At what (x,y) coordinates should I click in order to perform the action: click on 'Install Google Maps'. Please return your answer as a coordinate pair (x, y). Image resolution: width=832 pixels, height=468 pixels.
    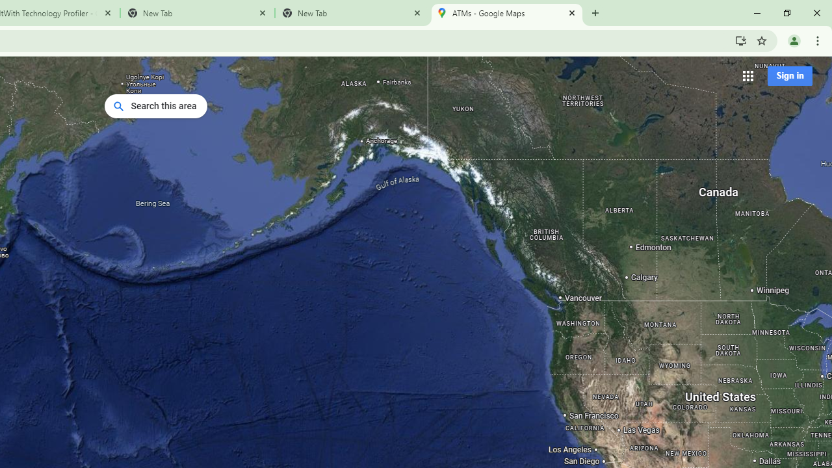
    Looking at the image, I should click on (740, 40).